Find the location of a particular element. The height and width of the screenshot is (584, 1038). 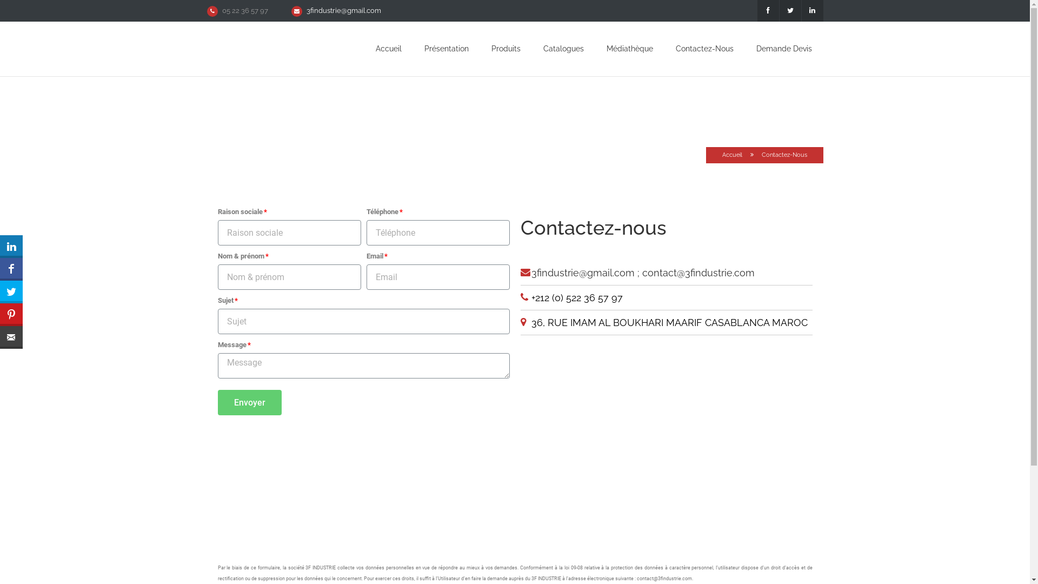

'Share on Facebook' is located at coordinates (11, 268).